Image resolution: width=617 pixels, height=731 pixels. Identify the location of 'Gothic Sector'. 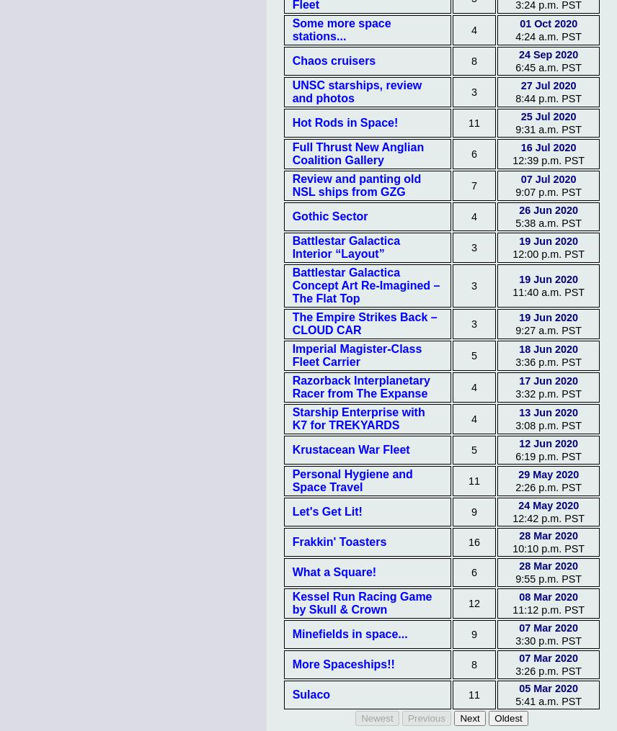
(329, 215).